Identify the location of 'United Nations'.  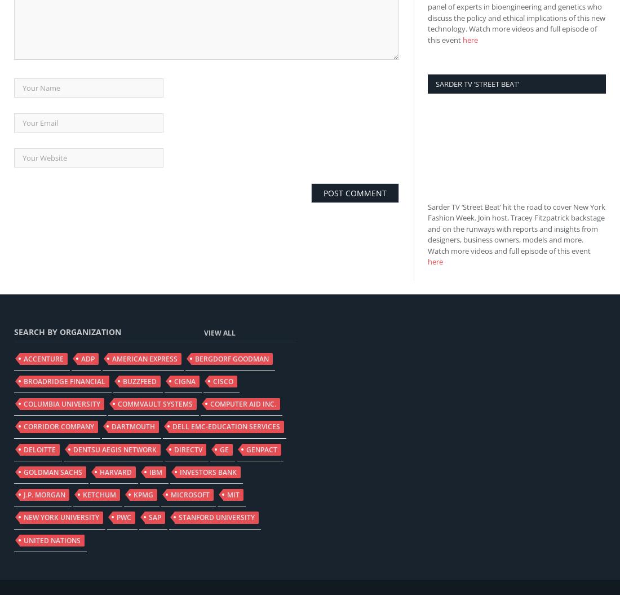
(52, 540).